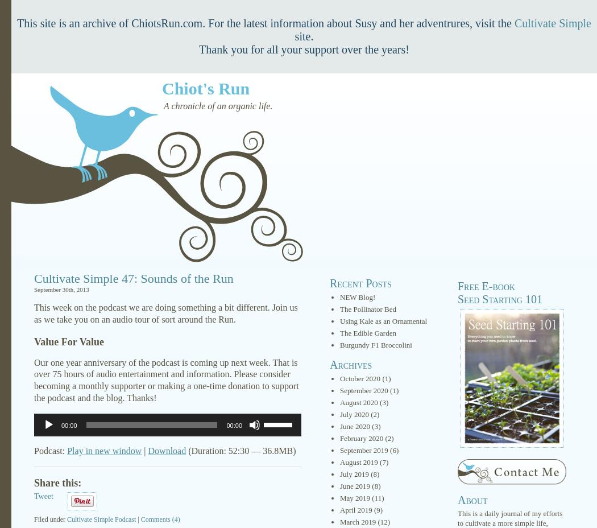 The width and height of the screenshot is (597, 528). Describe the element at coordinates (363, 390) in the screenshot. I see `'September 2020'` at that location.